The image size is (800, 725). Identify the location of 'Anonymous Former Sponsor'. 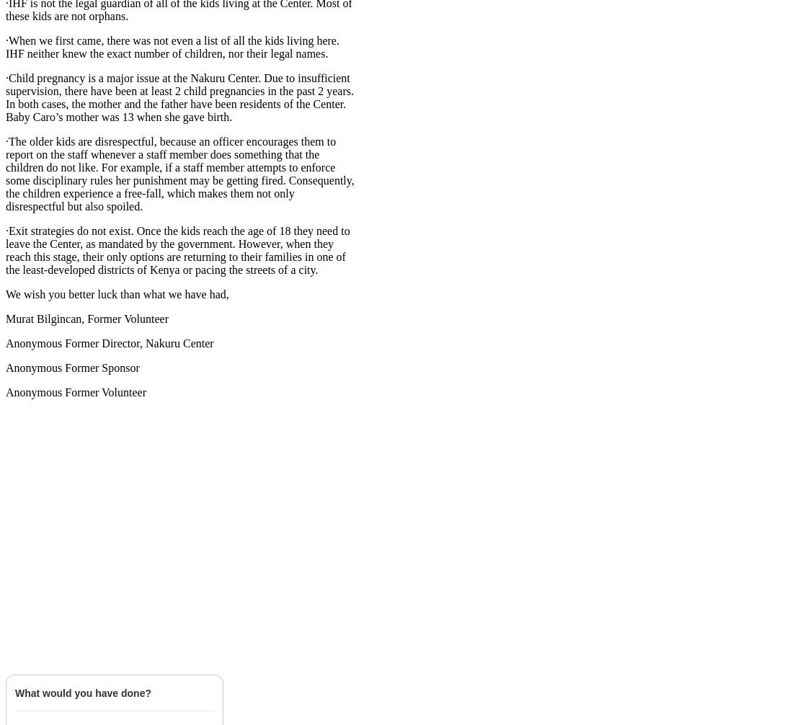
(71, 367).